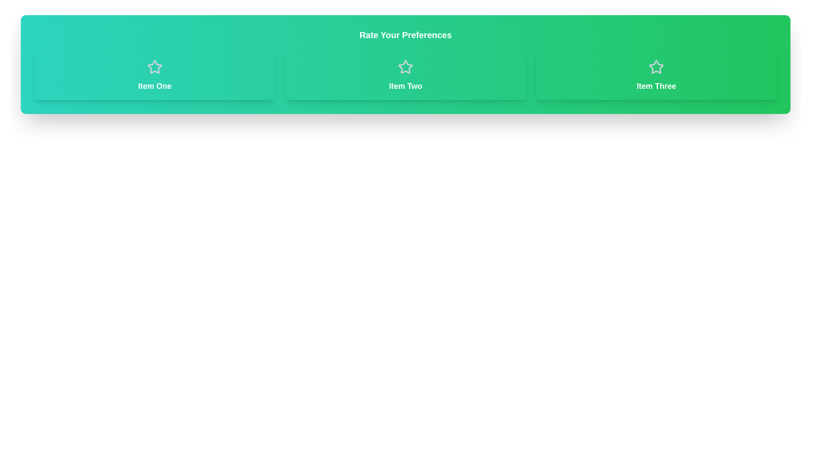 Image resolution: width=833 pixels, height=468 pixels. I want to click on the star icon for Item Two, so click(405, 66).